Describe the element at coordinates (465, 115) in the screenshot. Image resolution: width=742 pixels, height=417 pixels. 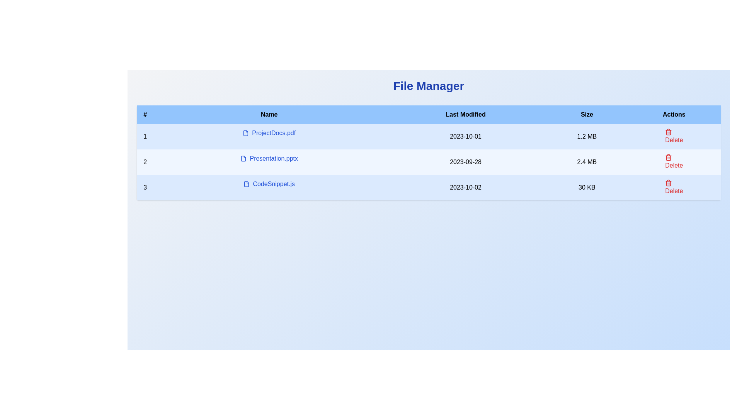
I see `the 'Last Modified' text label` at that location.